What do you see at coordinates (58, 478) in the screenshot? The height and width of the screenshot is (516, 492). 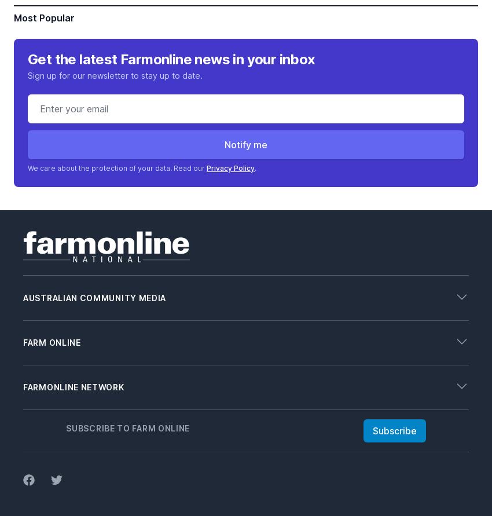 I see `'Livestock Connect'` at bounding box center [58, 478].